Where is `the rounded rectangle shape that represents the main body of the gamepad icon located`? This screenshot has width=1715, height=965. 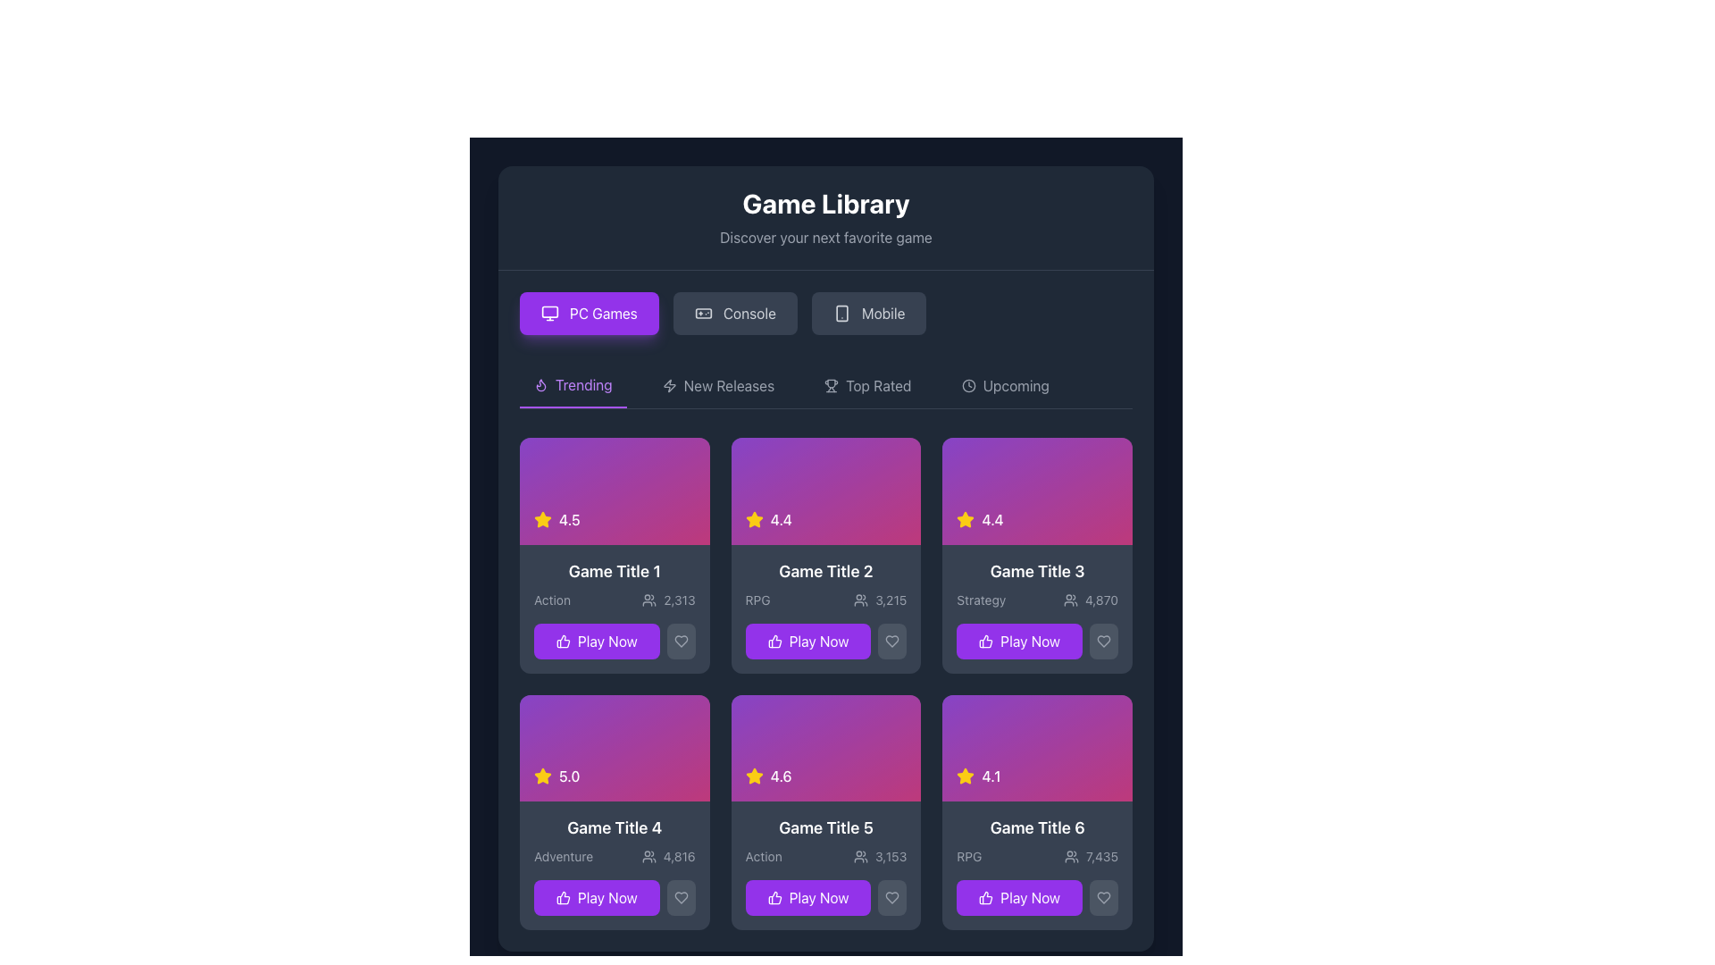
the rounded rectangle shape that represents the main body of the gamepad icon located is located at coordinates (702, 313).